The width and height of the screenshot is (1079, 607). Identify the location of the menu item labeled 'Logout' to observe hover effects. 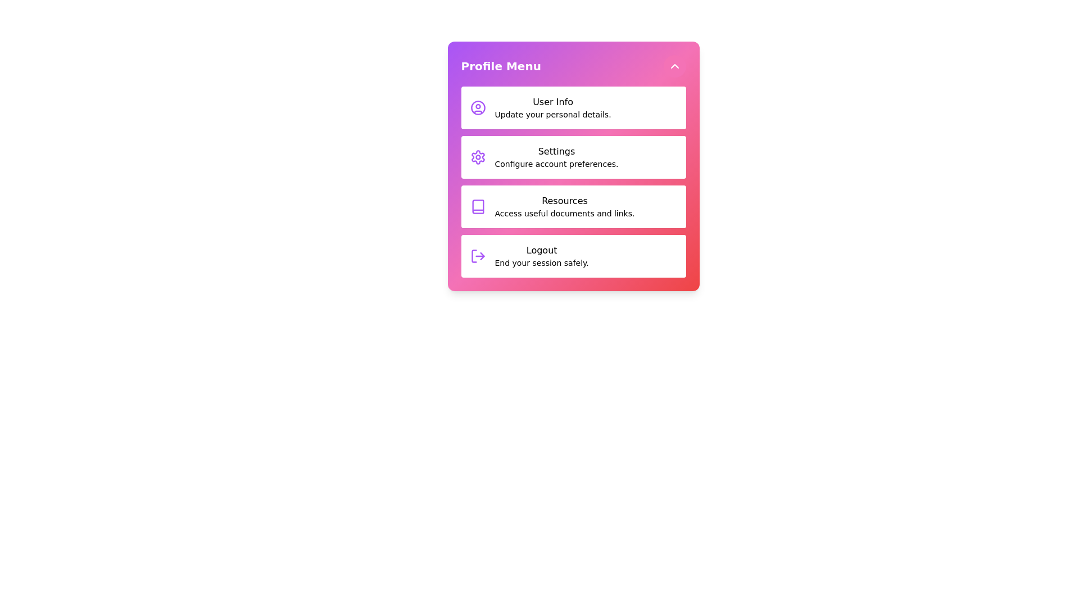
(573, 256).